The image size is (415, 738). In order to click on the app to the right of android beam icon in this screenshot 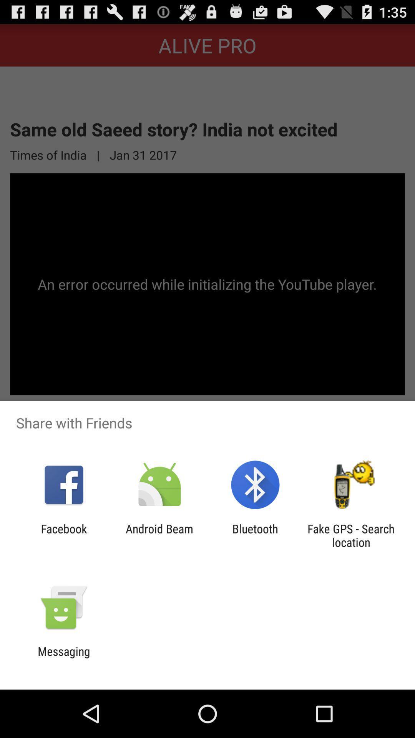, I will do `click(255, 535)`.